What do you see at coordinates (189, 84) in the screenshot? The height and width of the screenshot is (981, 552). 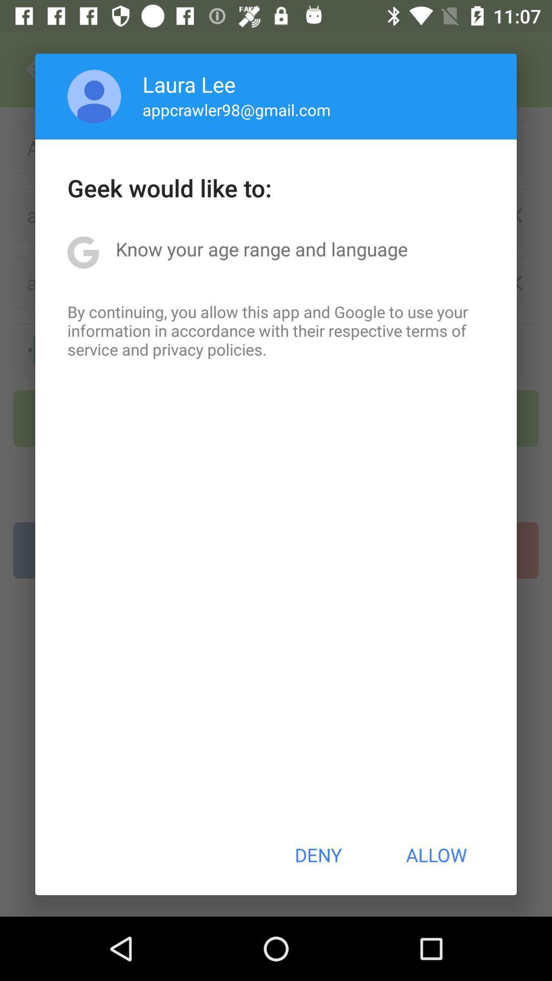 I see `the icon above appcrawler98@gmail.com icon` at bounding box center [189, 84].